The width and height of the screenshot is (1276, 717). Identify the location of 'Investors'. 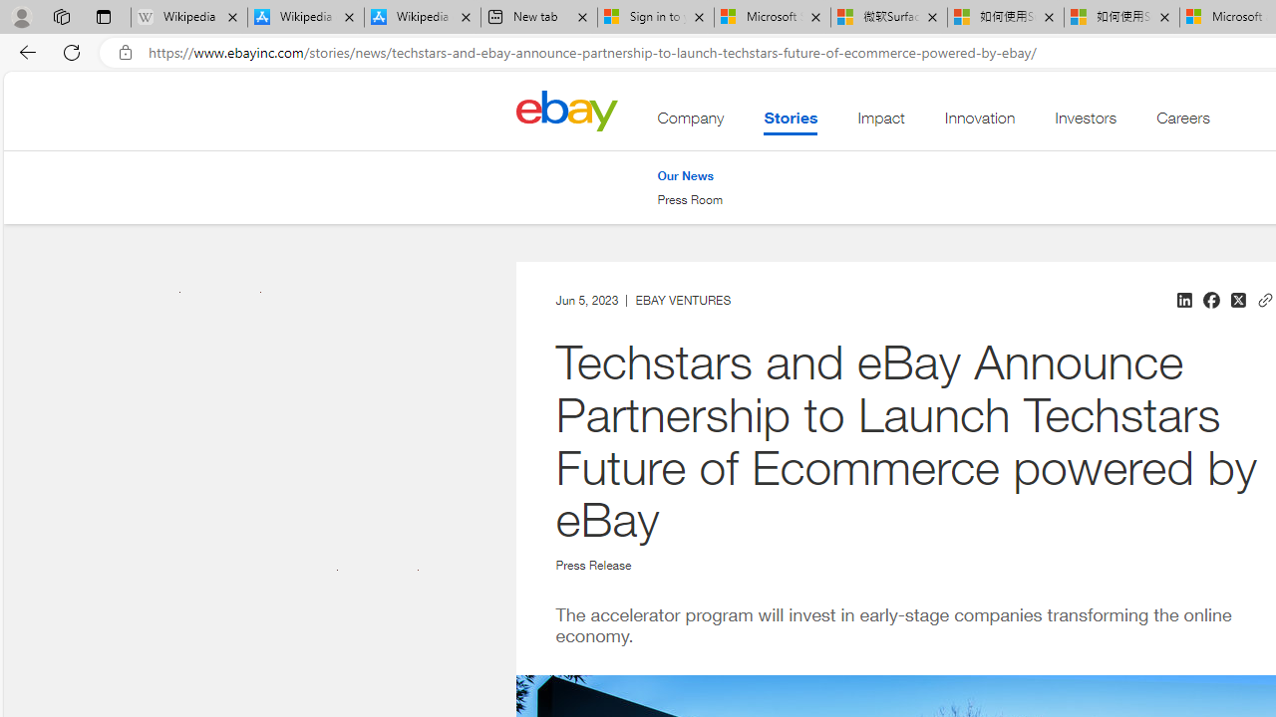
(1085, 122).